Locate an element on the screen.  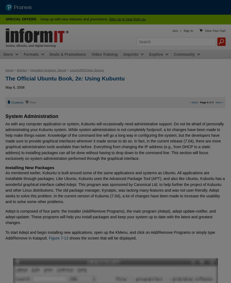
'Adept is composed of four parts: the installer (Add/Remove Programs), the main program (Adept), adept update-notifier, and adept-updater. These programs will help you install packages and keep your system up to date with the latest and greatest changes.' is located at coordinates (110, 217).